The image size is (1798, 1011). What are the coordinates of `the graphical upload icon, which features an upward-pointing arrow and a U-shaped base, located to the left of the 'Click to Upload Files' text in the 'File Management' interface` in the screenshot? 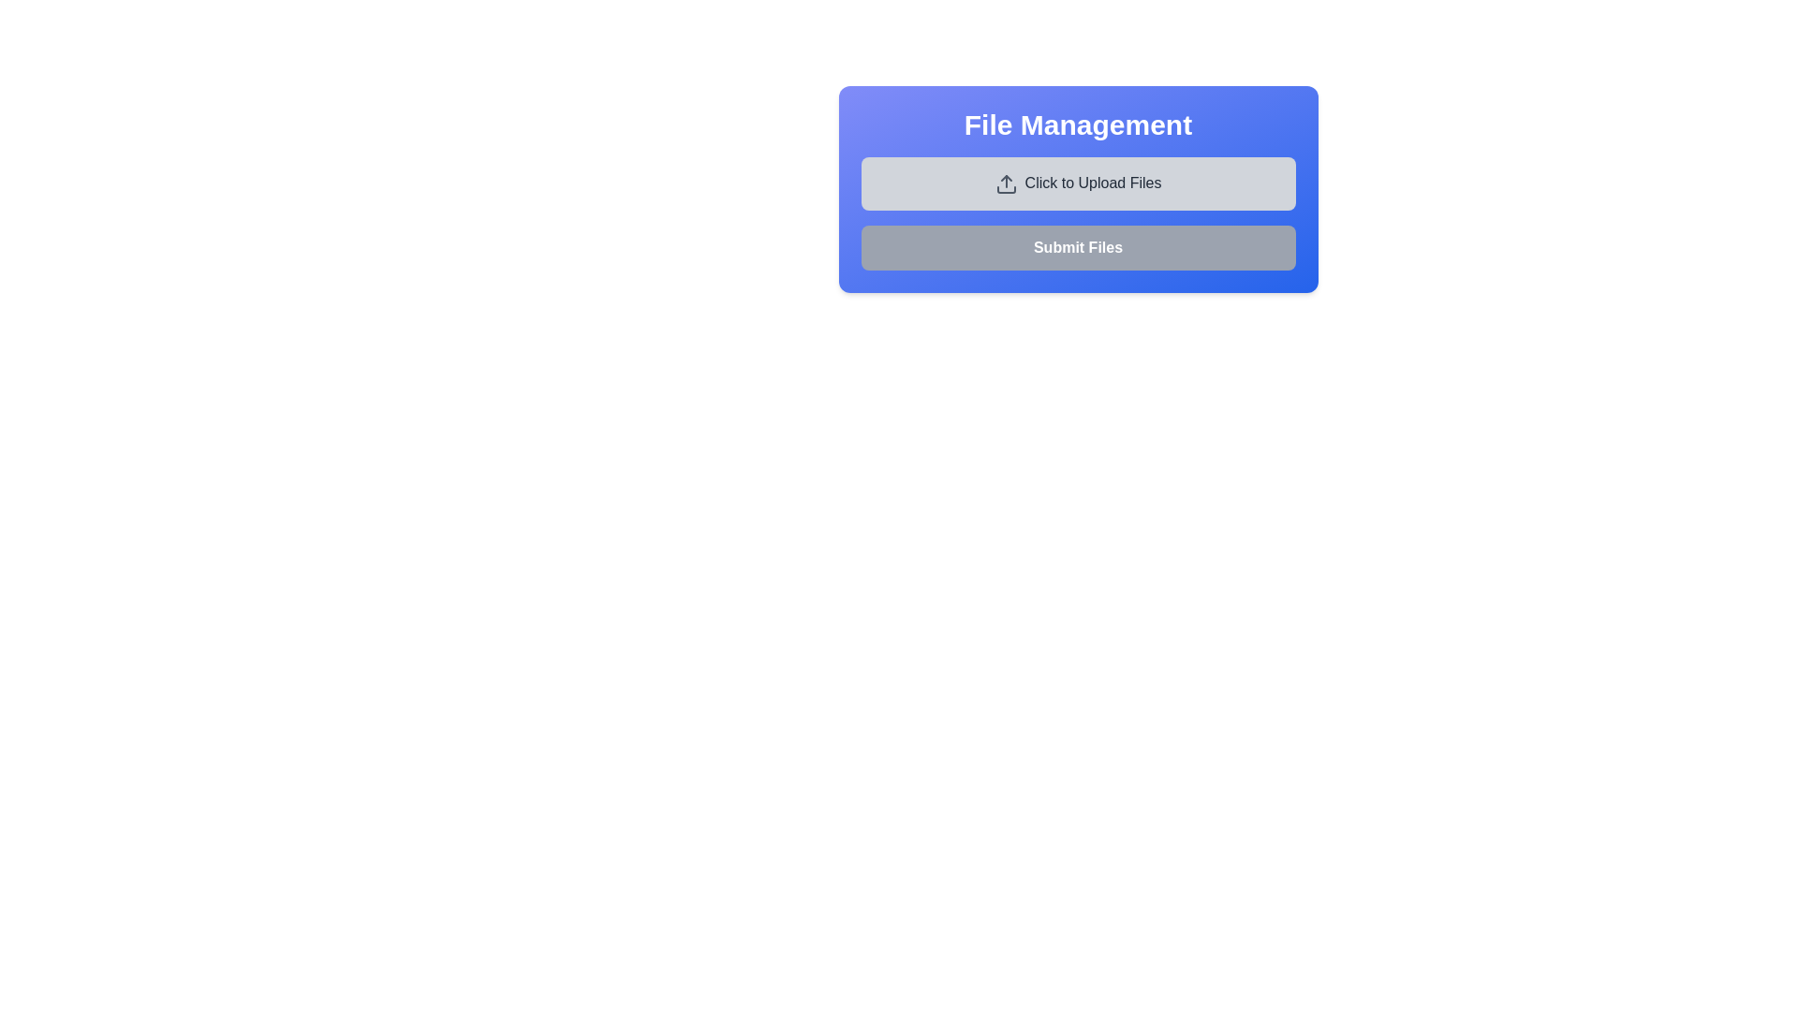 It's located at (1005, 183).